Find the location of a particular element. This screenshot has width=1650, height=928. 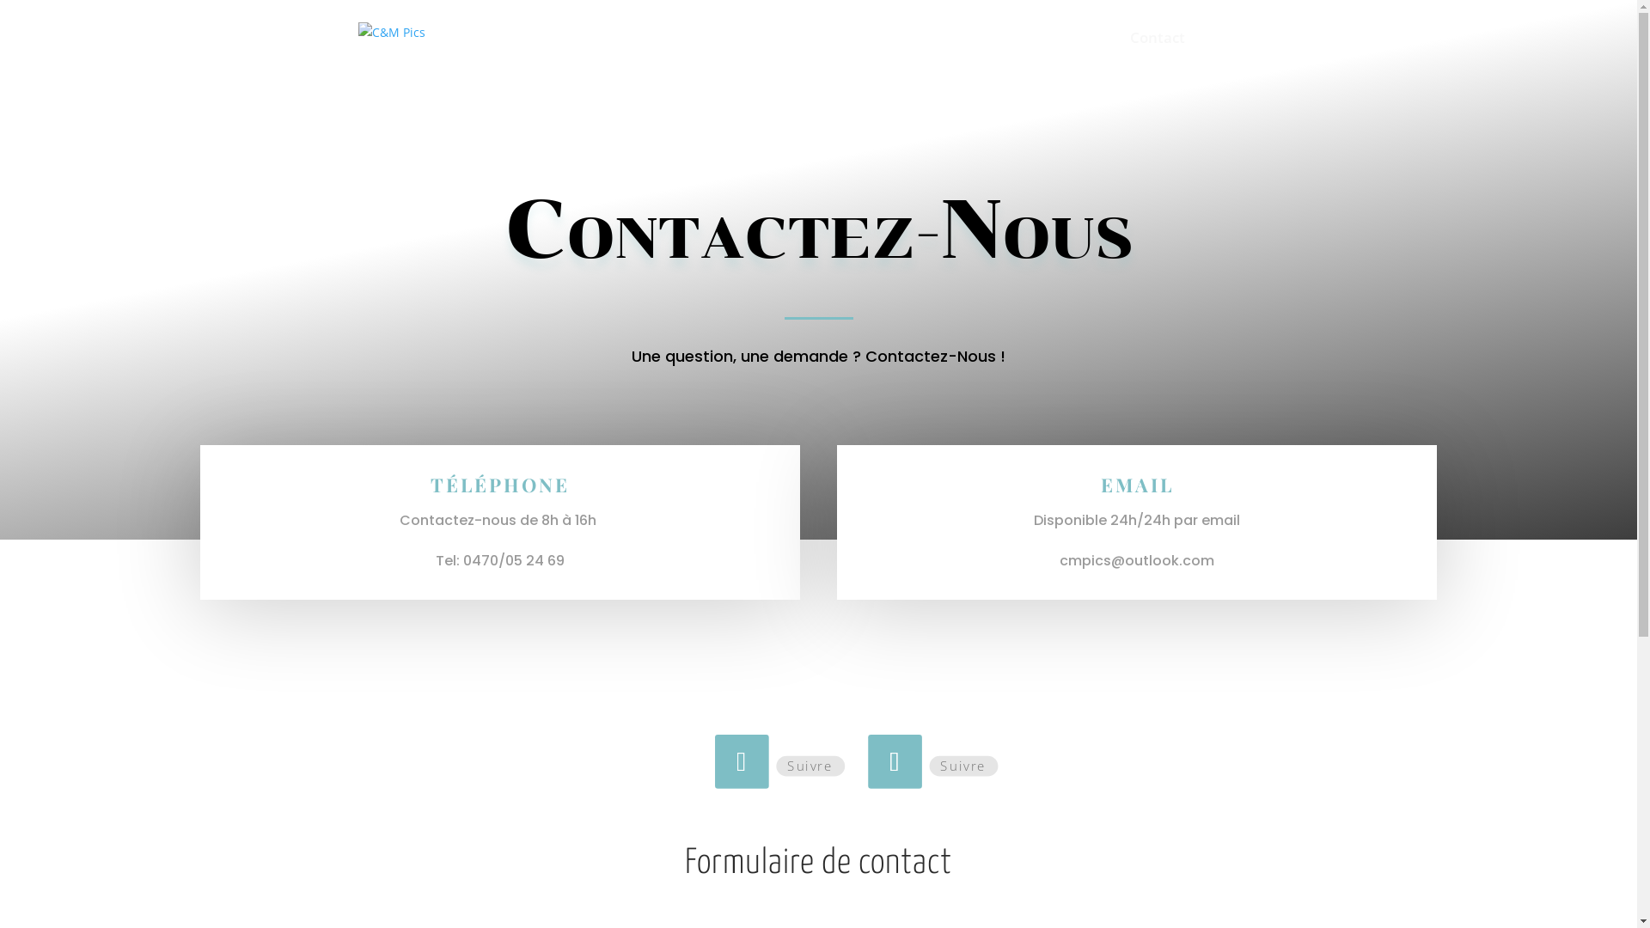

'Contact' is located at coordinates (1156, 52).